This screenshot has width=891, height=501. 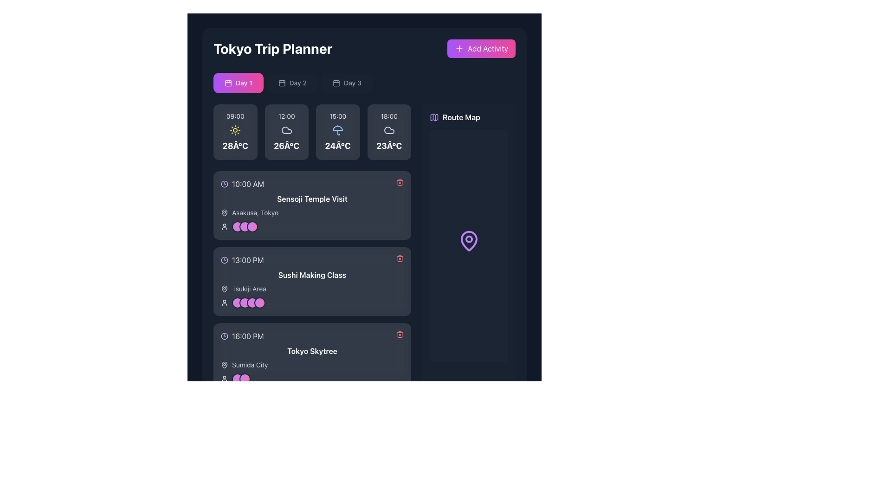 I want to click on the static text label displaying '23Â°C', so click(x=389, y=146).